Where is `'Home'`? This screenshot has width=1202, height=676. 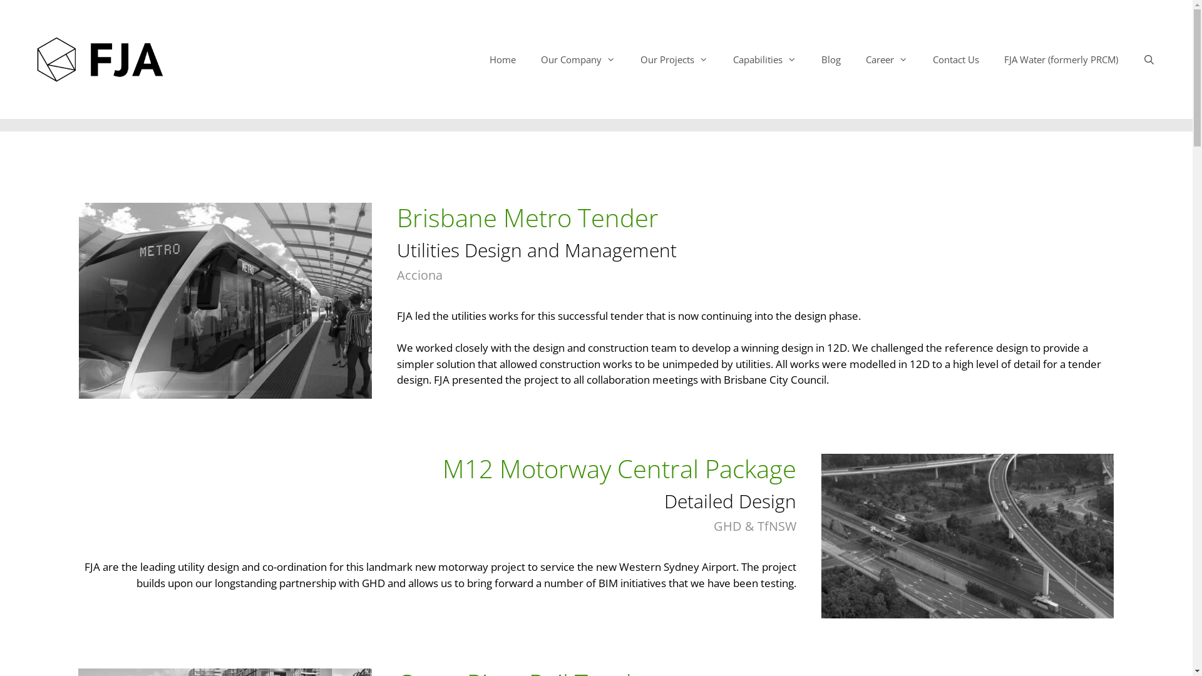 'Home' is located at coordinates (502, 59).